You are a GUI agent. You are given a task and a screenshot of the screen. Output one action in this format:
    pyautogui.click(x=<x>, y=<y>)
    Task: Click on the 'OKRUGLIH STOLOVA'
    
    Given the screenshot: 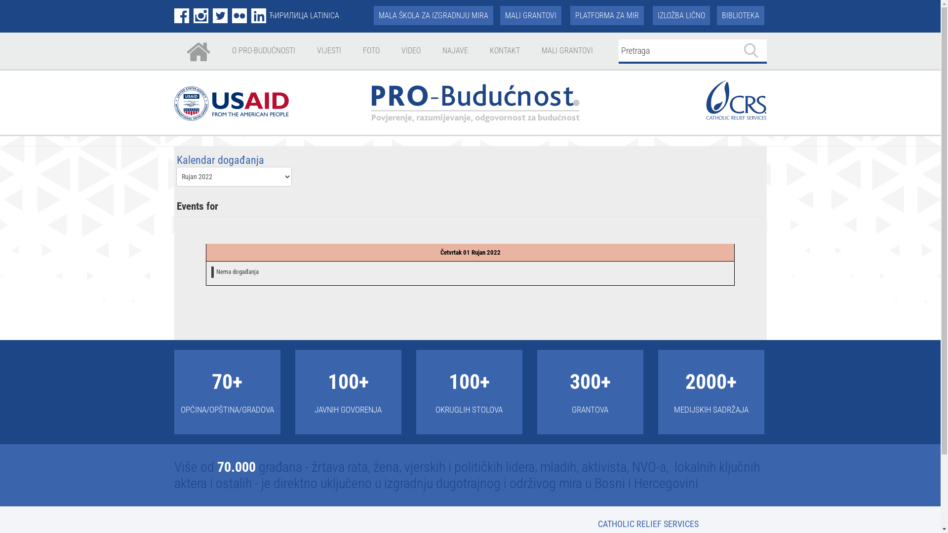 What is the action you would take?
    pyautogui.click(x=435, y=409)
    